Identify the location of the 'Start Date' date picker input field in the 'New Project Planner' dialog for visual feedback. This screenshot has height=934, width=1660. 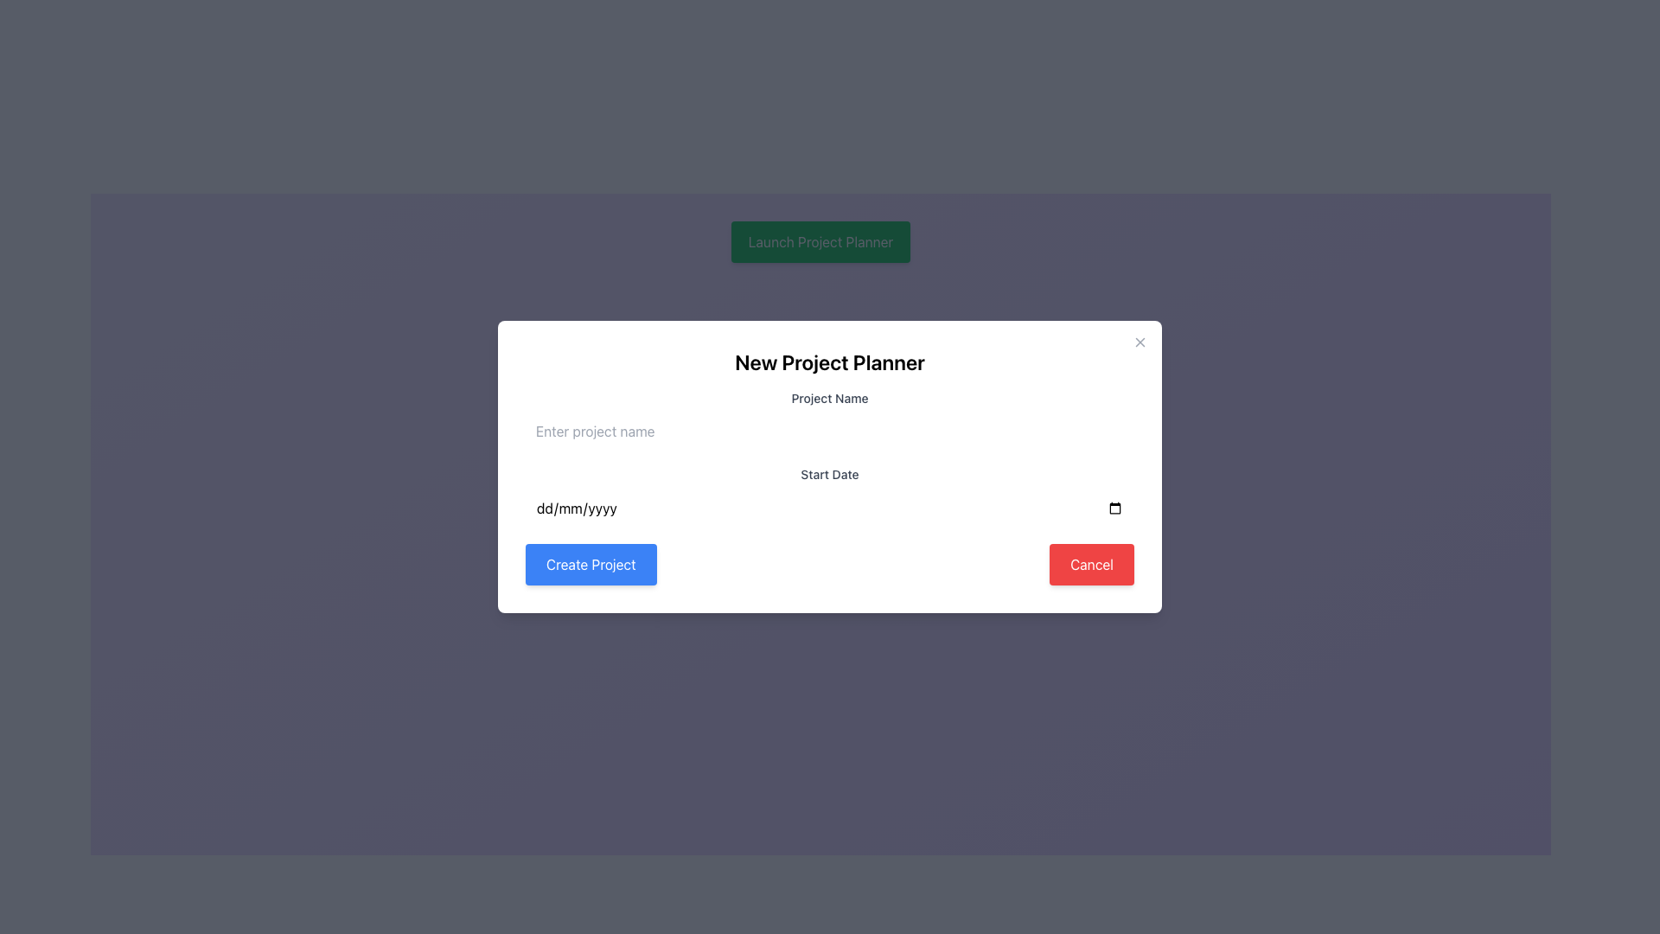
(830, 497).